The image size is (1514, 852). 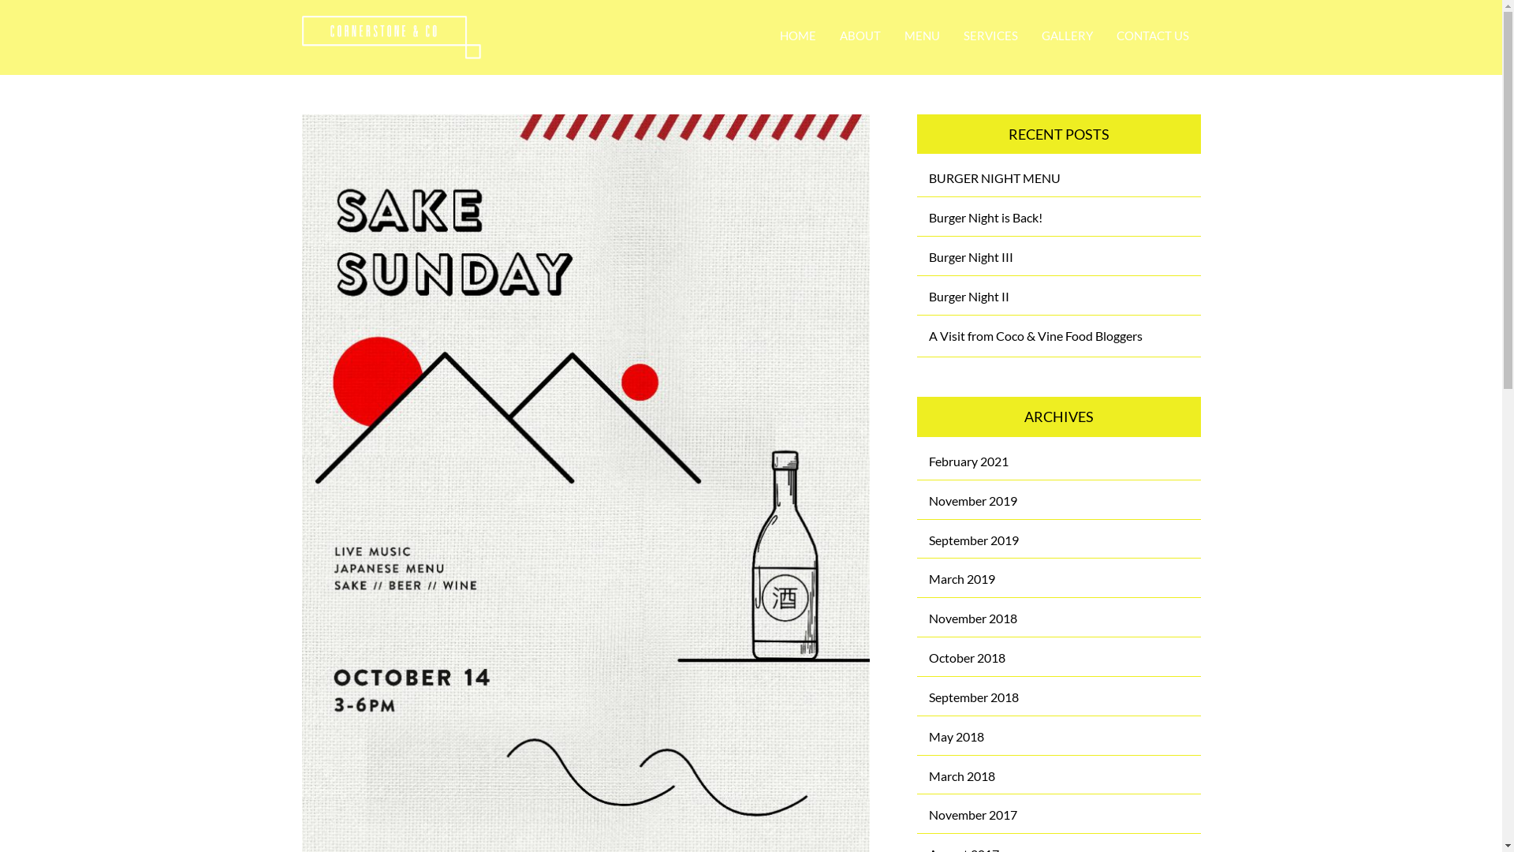 What do you see at coordinates (994, 177) in the screenshot?
I see `'BURGER NIGHT MENU'` at bounding box center [994, 177].